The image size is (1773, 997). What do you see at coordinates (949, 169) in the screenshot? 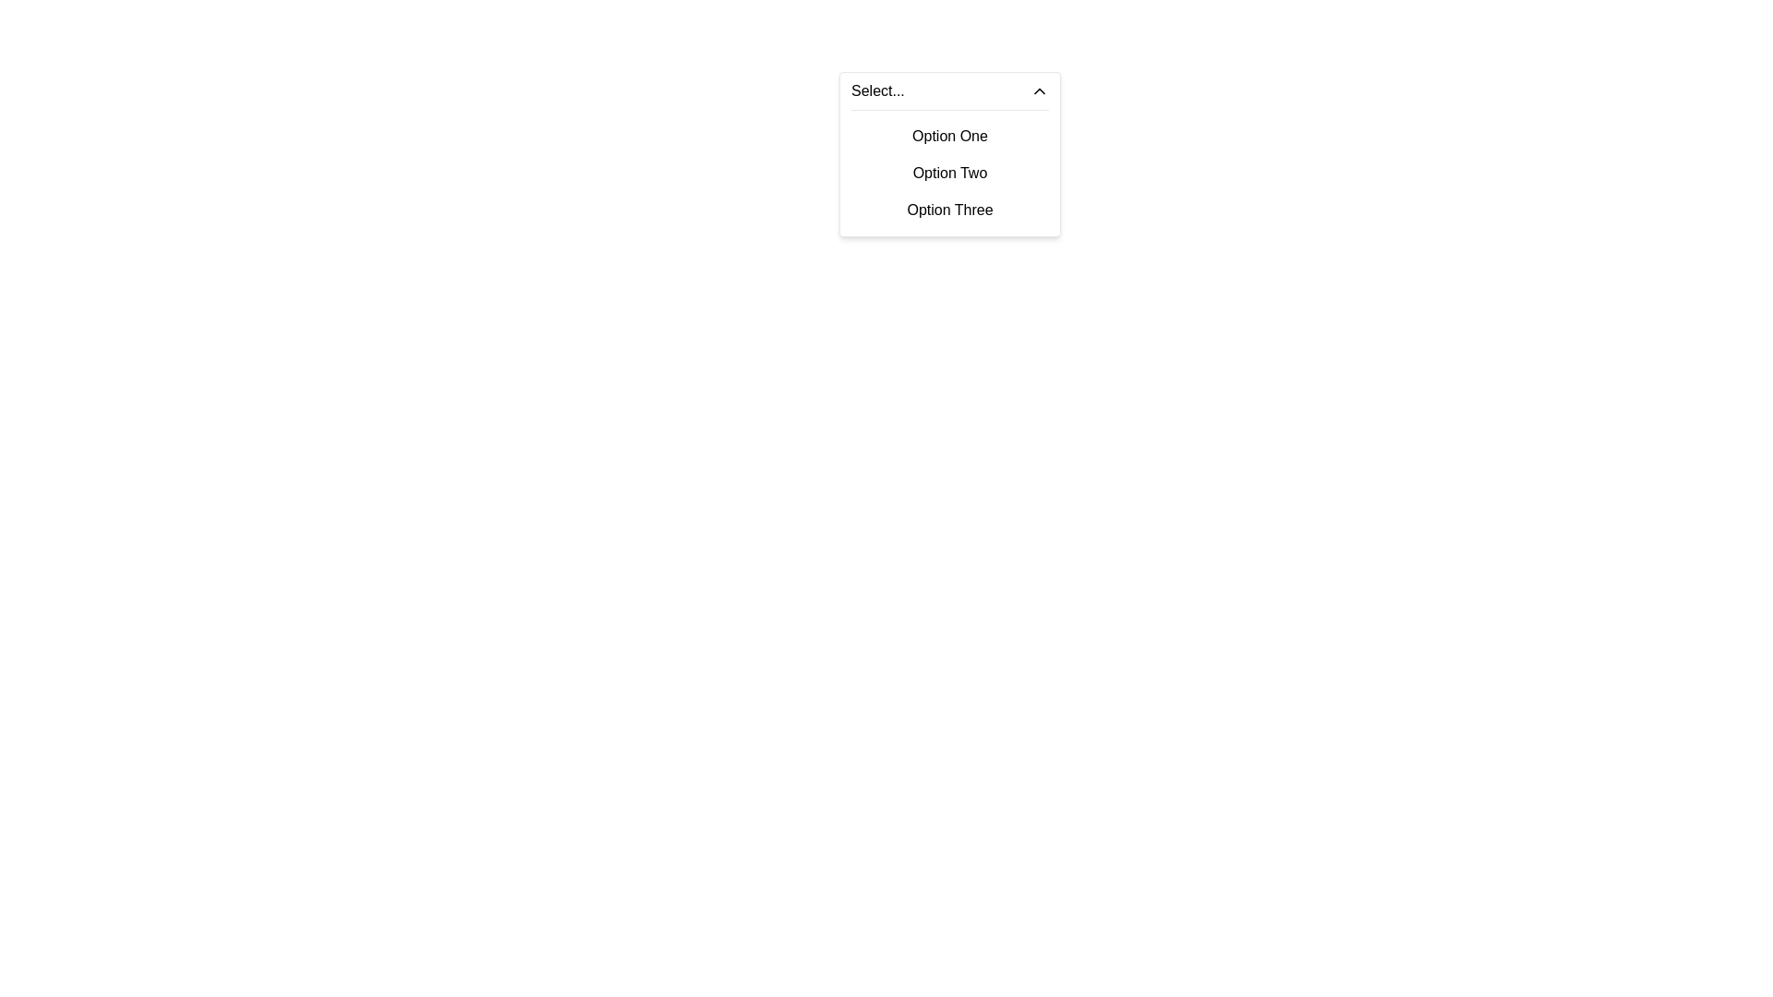
I see `the dropdown menu option located directly below the 'Select...' button` at bounding box center [949, 169].